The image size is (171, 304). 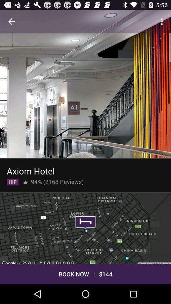 I want to click on the item above the book now   |   $144, so click(x=85, y=228).